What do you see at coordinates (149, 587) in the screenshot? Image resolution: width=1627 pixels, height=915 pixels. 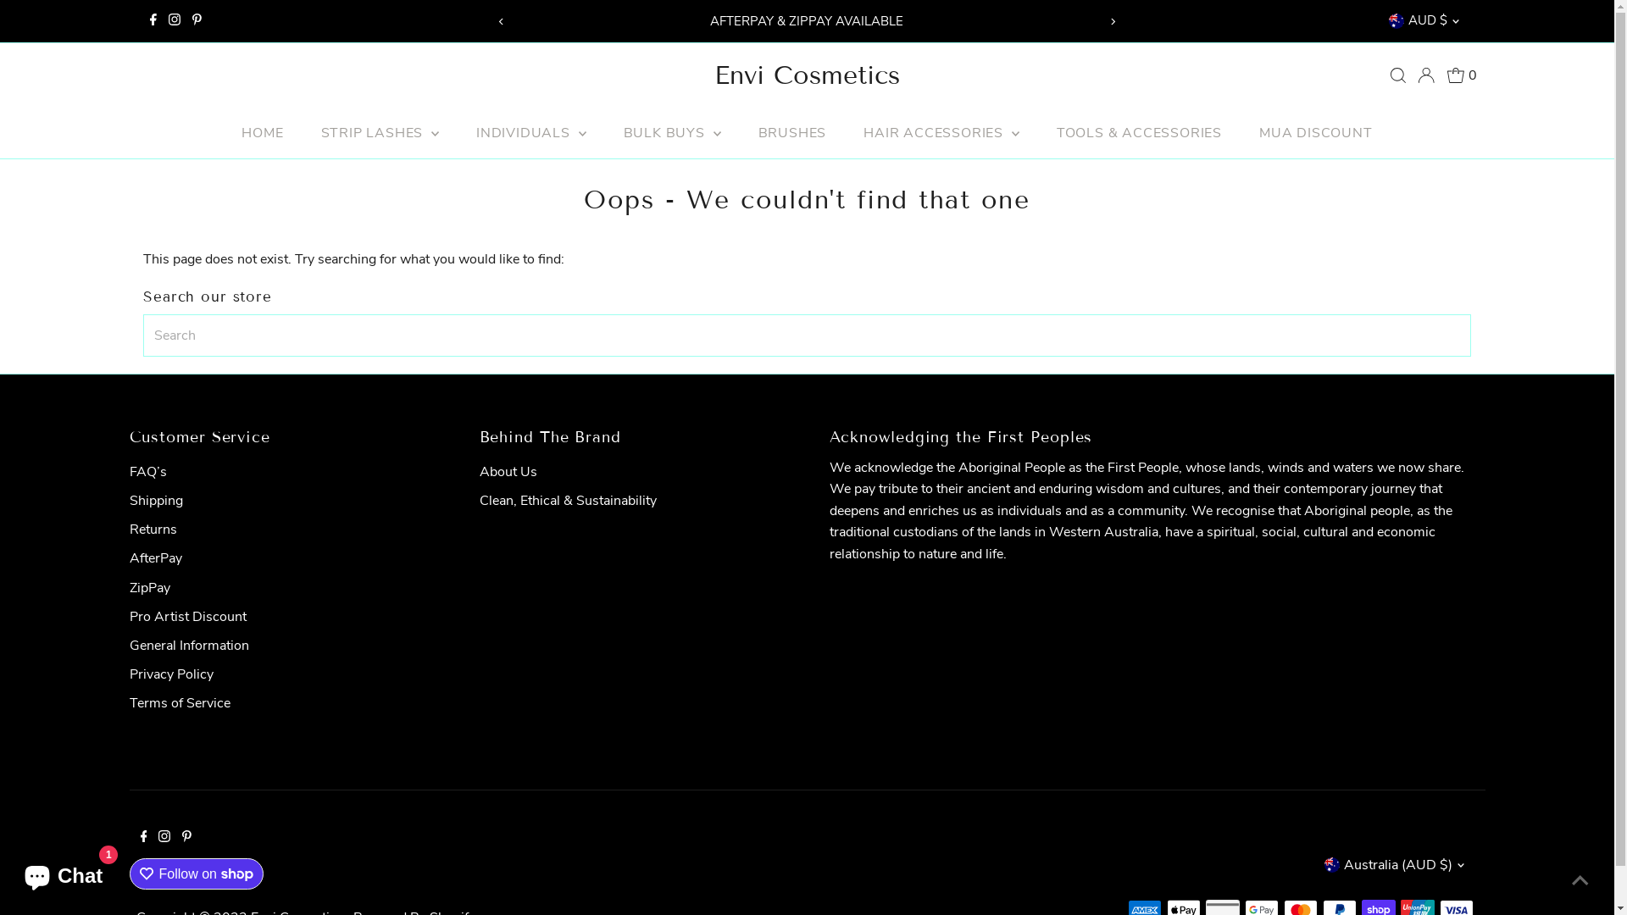 I see `'ZipPay'` at bounding box center [149, 587].